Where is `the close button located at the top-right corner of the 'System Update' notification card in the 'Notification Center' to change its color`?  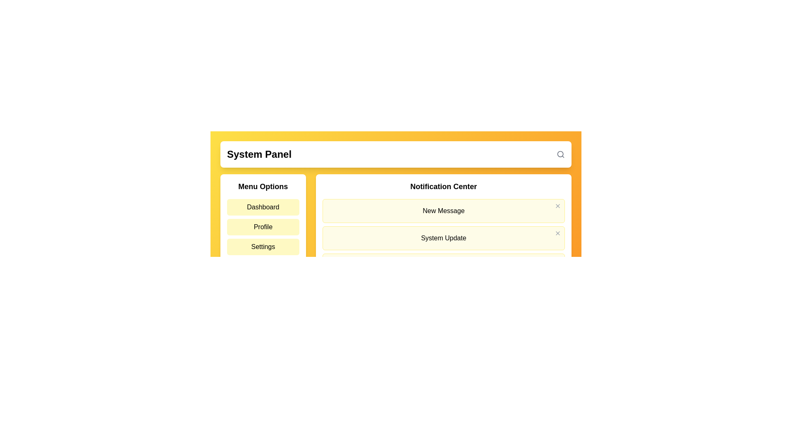 the close button located at the top-right corner of the 'System Update' notification card in the 'Notification Center' to change its color is located at coordinates (557, 233).